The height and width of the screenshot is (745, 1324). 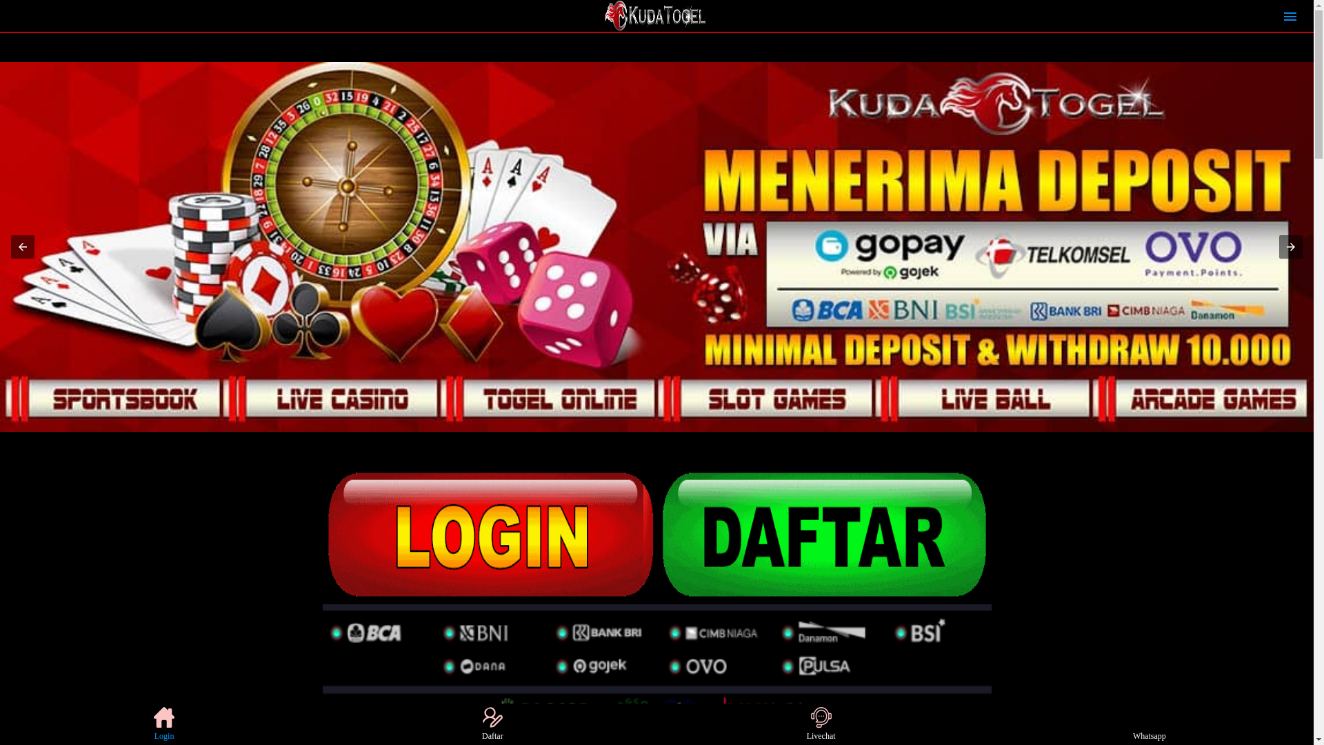 What do you see at coordinates (821, 723) in the screenshot?
I see `'Livechat'` at bounding box center [821, 723].